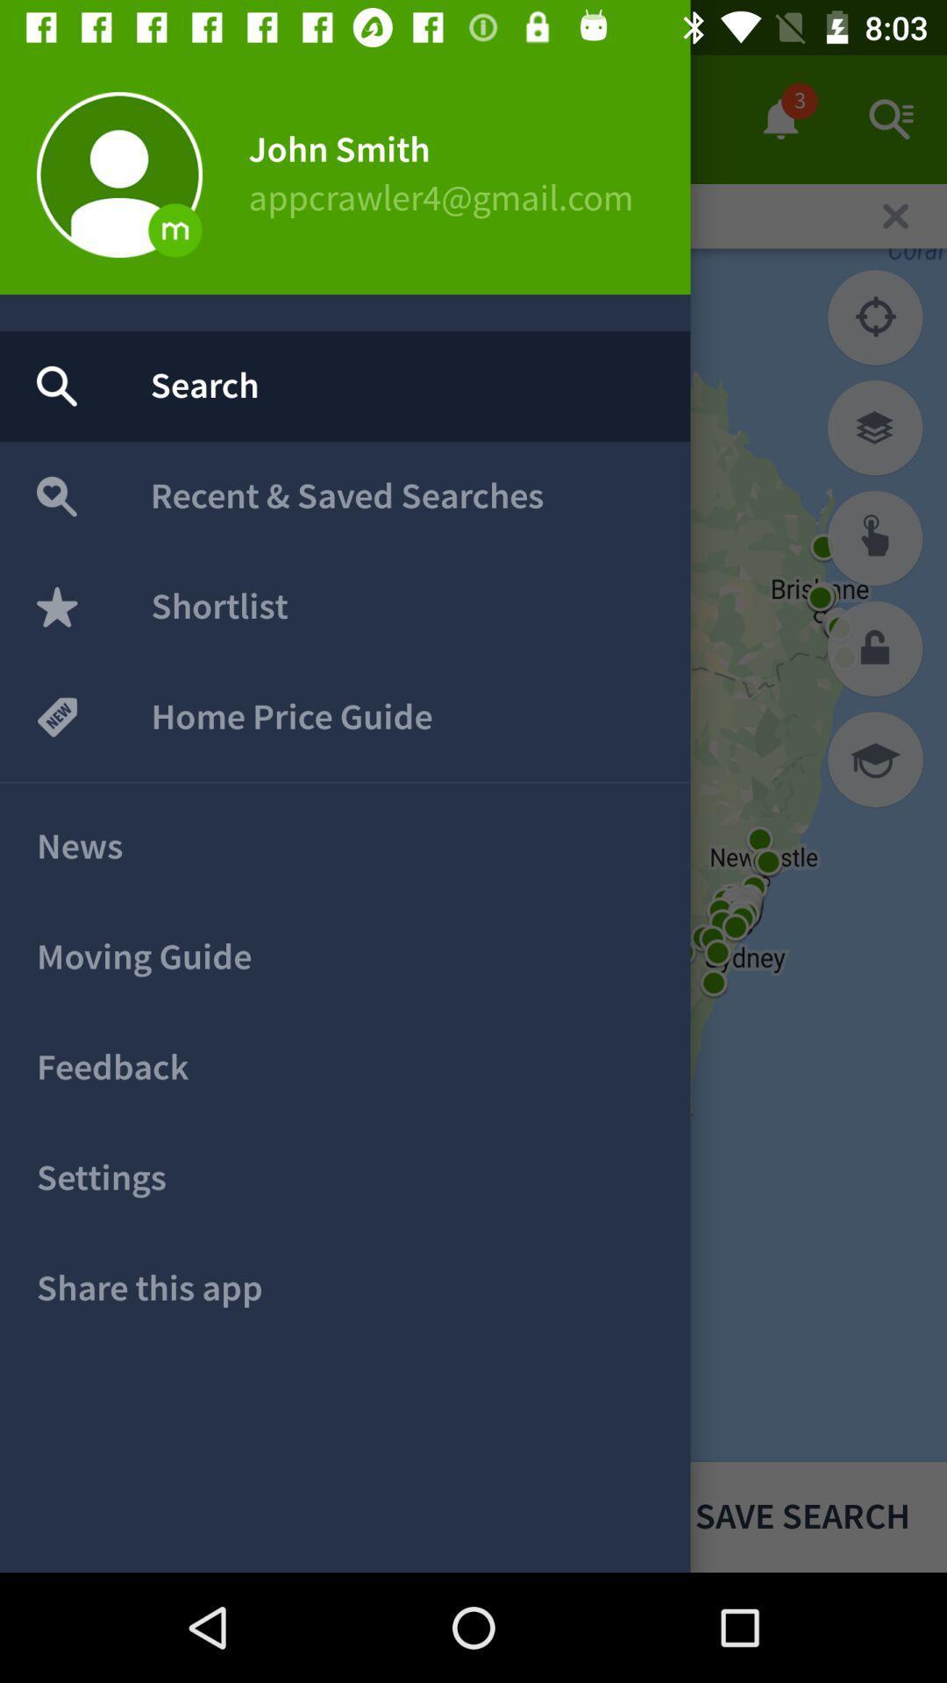 Image resolution: width=947 pixels, height=1683 pixels. Describe the element at coordinates (895, 215) in the screenshot. I see `the close icon` at that location.